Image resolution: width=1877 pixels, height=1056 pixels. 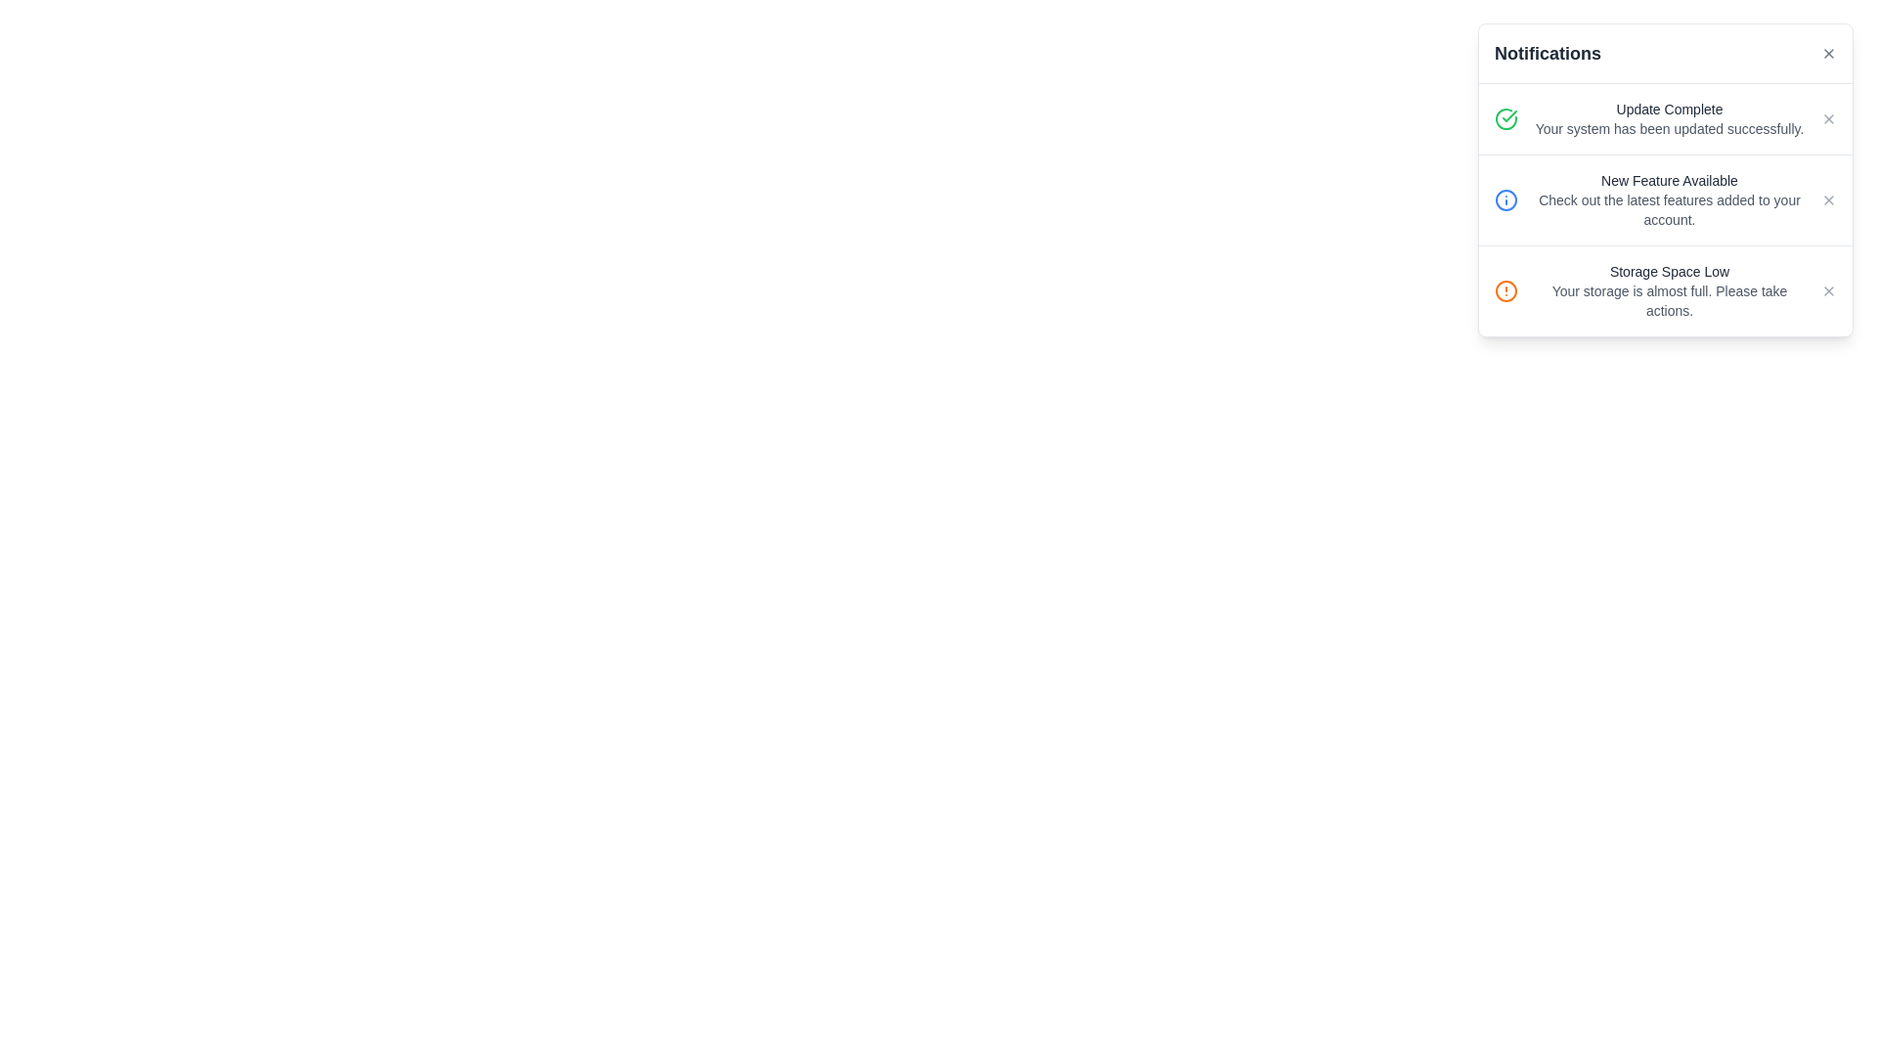 I want to click on the close button located at the top-right corner of the first notification message in the notifications panel, so click(x=1828, y=119).